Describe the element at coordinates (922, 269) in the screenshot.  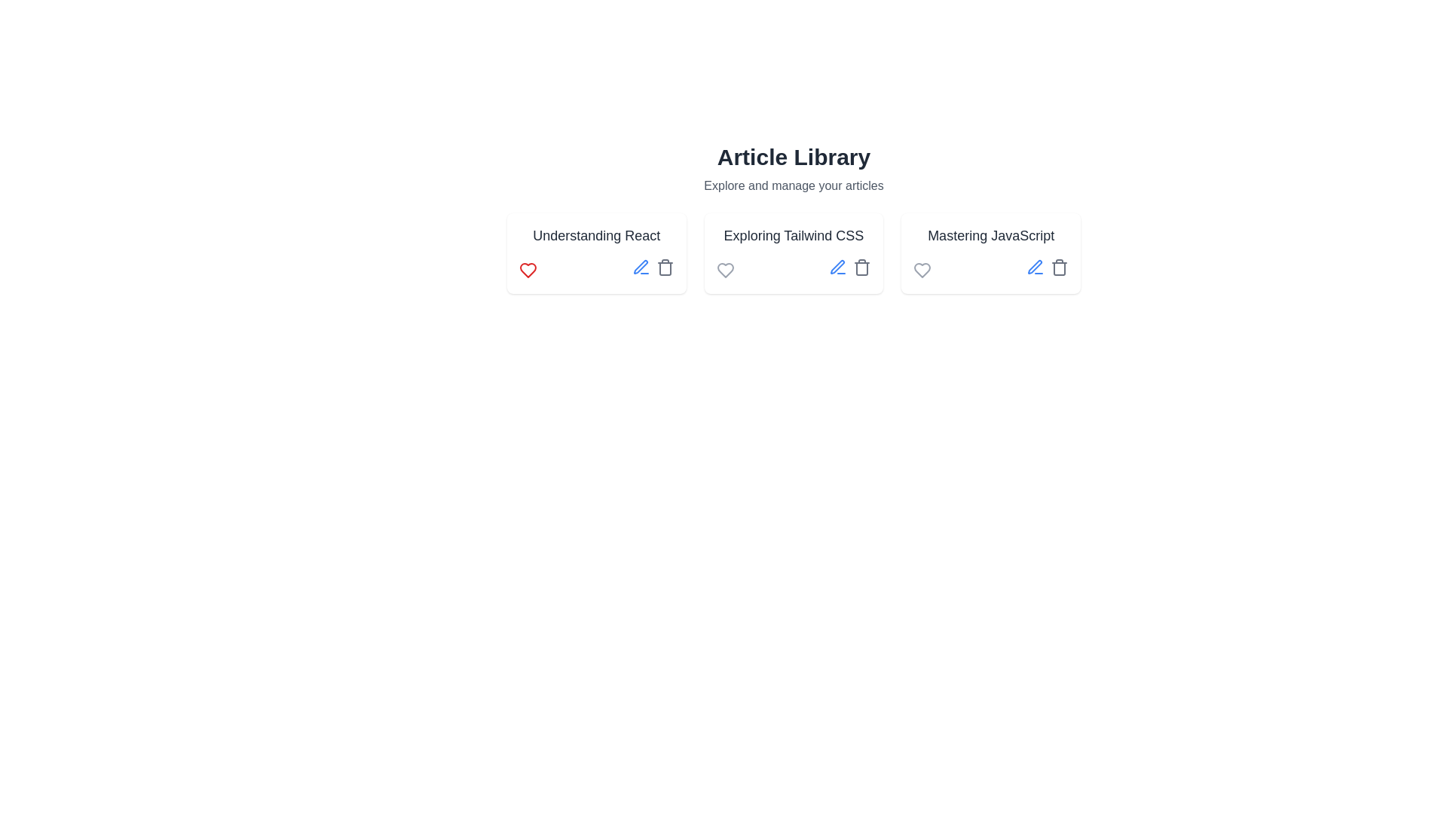
I see `the heart-shaped icon in the lower-left corner of the 'Mastering JavaScript' card` at that location.